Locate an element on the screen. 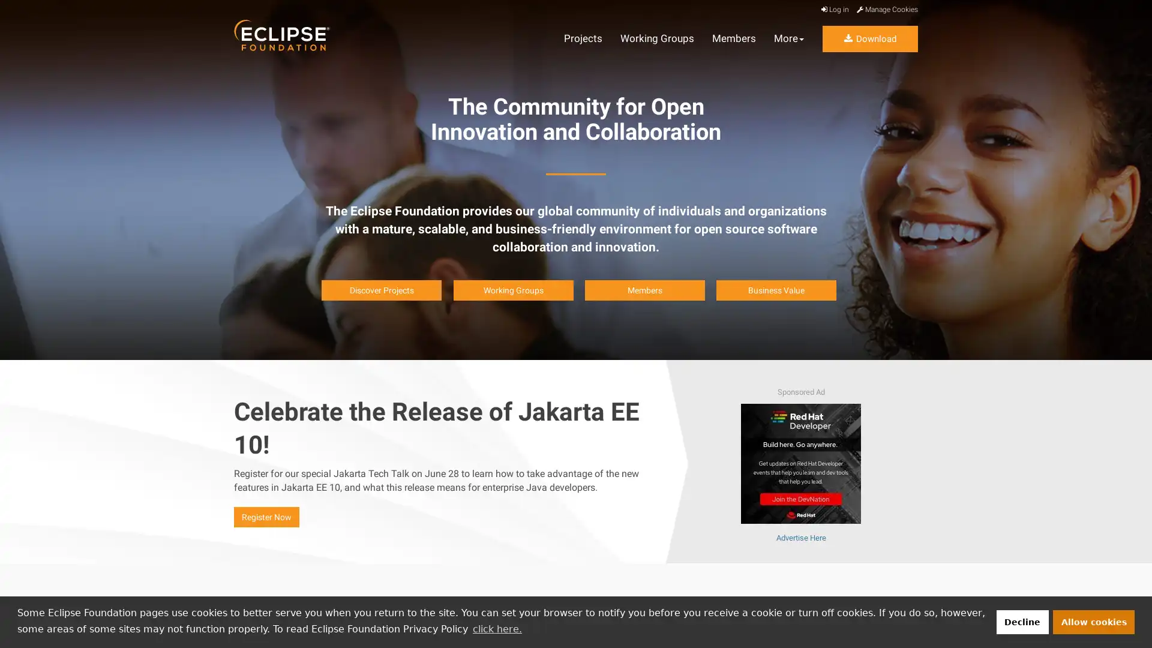 This screenshot has width=1152, height=648. deny cookies is located at coordinates (1021, 621).